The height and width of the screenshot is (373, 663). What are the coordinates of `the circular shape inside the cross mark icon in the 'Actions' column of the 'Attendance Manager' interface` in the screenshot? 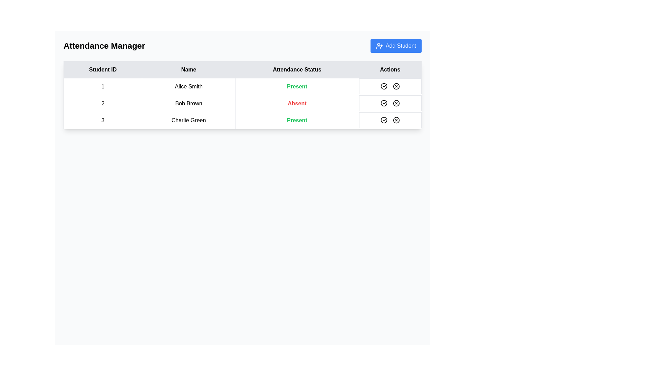 It's located at (396, 86).